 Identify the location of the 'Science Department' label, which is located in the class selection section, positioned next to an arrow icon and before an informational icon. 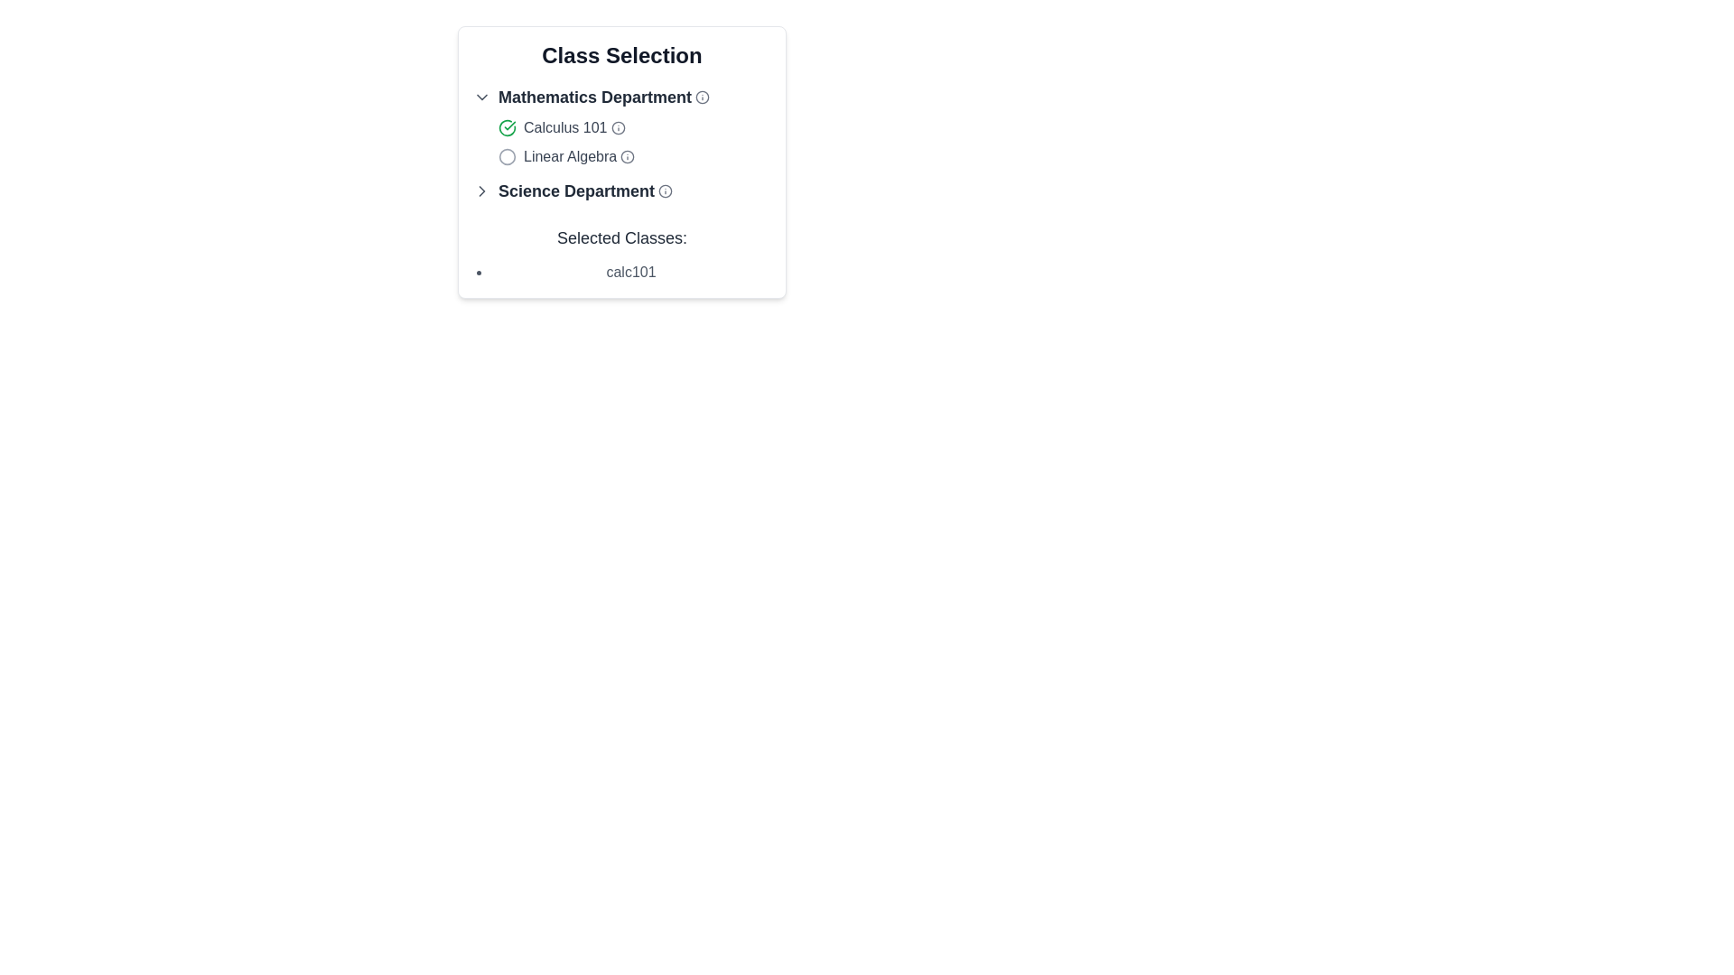
(575, 191).